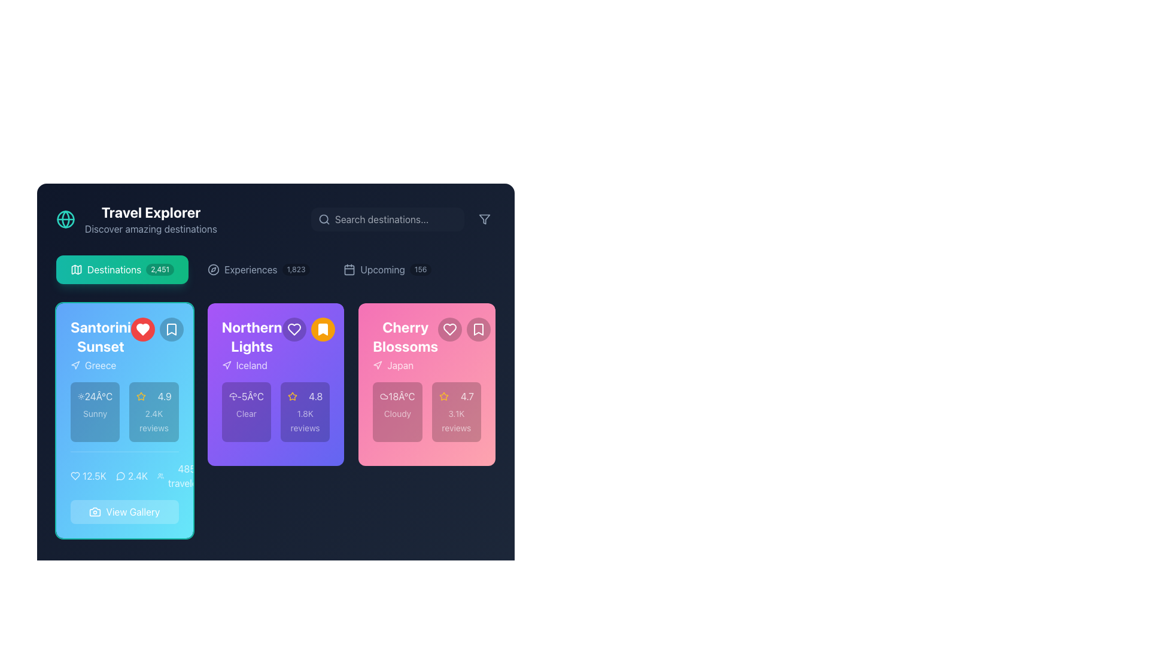 Image resolution: width=1149 pixels, height=646 pixels. Describe the element at coordinates (403, 219) in the screenshot. I see `the magnifying glass icon located to the left of the search input field, which features a placeholder text 'Search destinations...' and is styled with a dark background and rounded edges` at that location.